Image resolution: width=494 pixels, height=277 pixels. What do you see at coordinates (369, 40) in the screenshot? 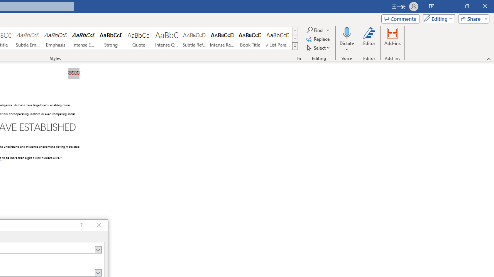
I see `'Editor'` at bounding box center [369, 40].